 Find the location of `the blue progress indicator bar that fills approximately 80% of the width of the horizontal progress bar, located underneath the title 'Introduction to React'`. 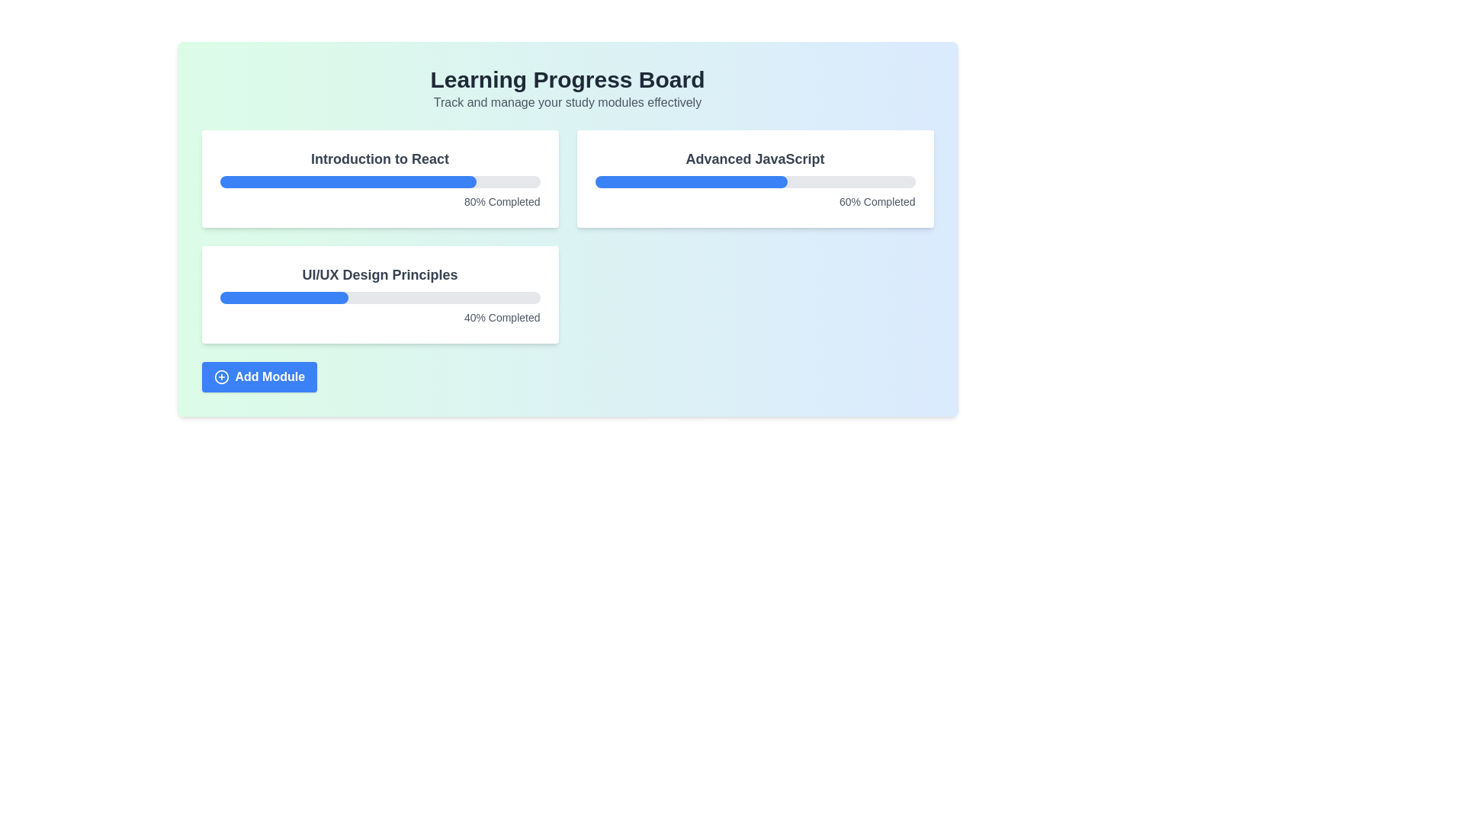

the blue progress indicator bar that fills approximately 80% of the width of the horizontal progress bar, located underneath the title 'Introduction to React' is located at coordinates (347, 181).